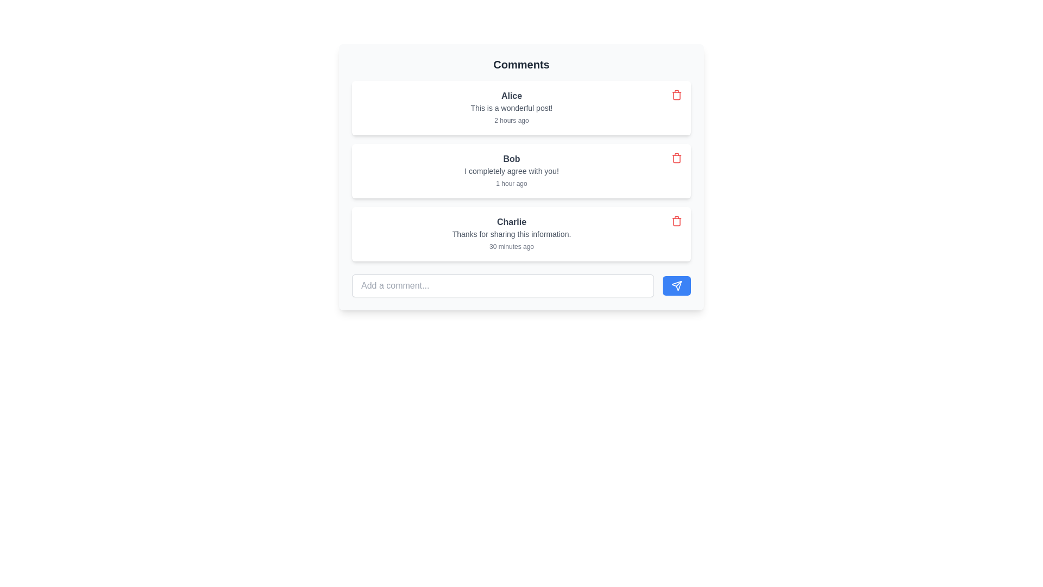  What do you see at coordinates (511, 159) in the screenshot?
I see `the Static Text that represents the name of the user who authored the comment in the second comment card of the 'Comments' section, which contains the comment 'I completely agree with you!' and a timestamp '1 hour ago'` at bounding box center [511, 159].